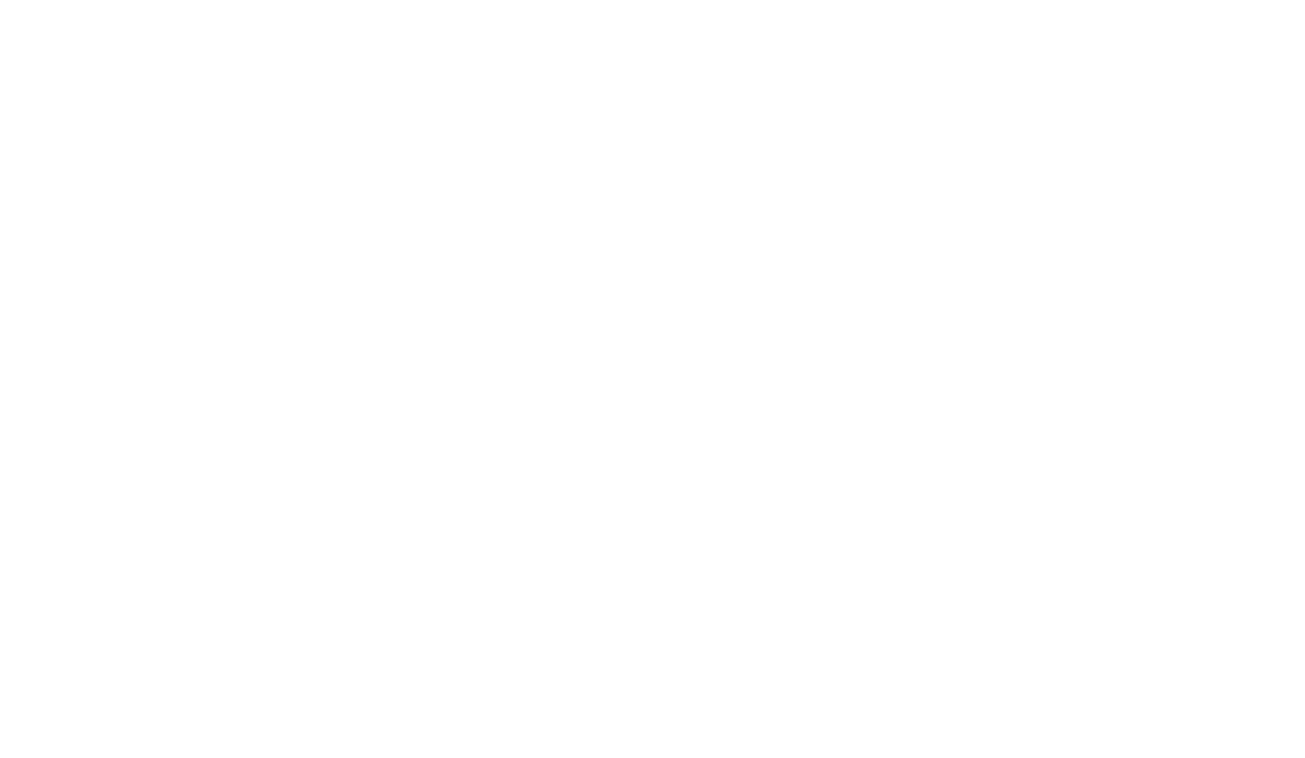 The height and width of the screenshot is (758, 1305). Describe the element at coordinates (990, 455) in the screenshot. I see `'Ribeira Do Cavalo Beach'` at that location.